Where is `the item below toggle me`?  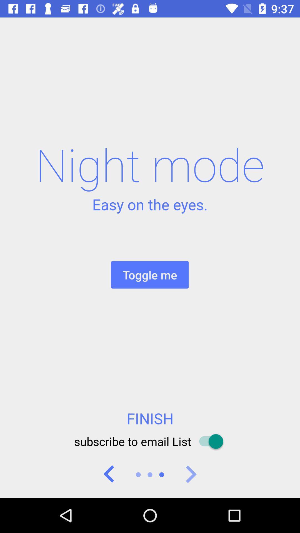 the item below toggle me is located at coordinates (150, 418).